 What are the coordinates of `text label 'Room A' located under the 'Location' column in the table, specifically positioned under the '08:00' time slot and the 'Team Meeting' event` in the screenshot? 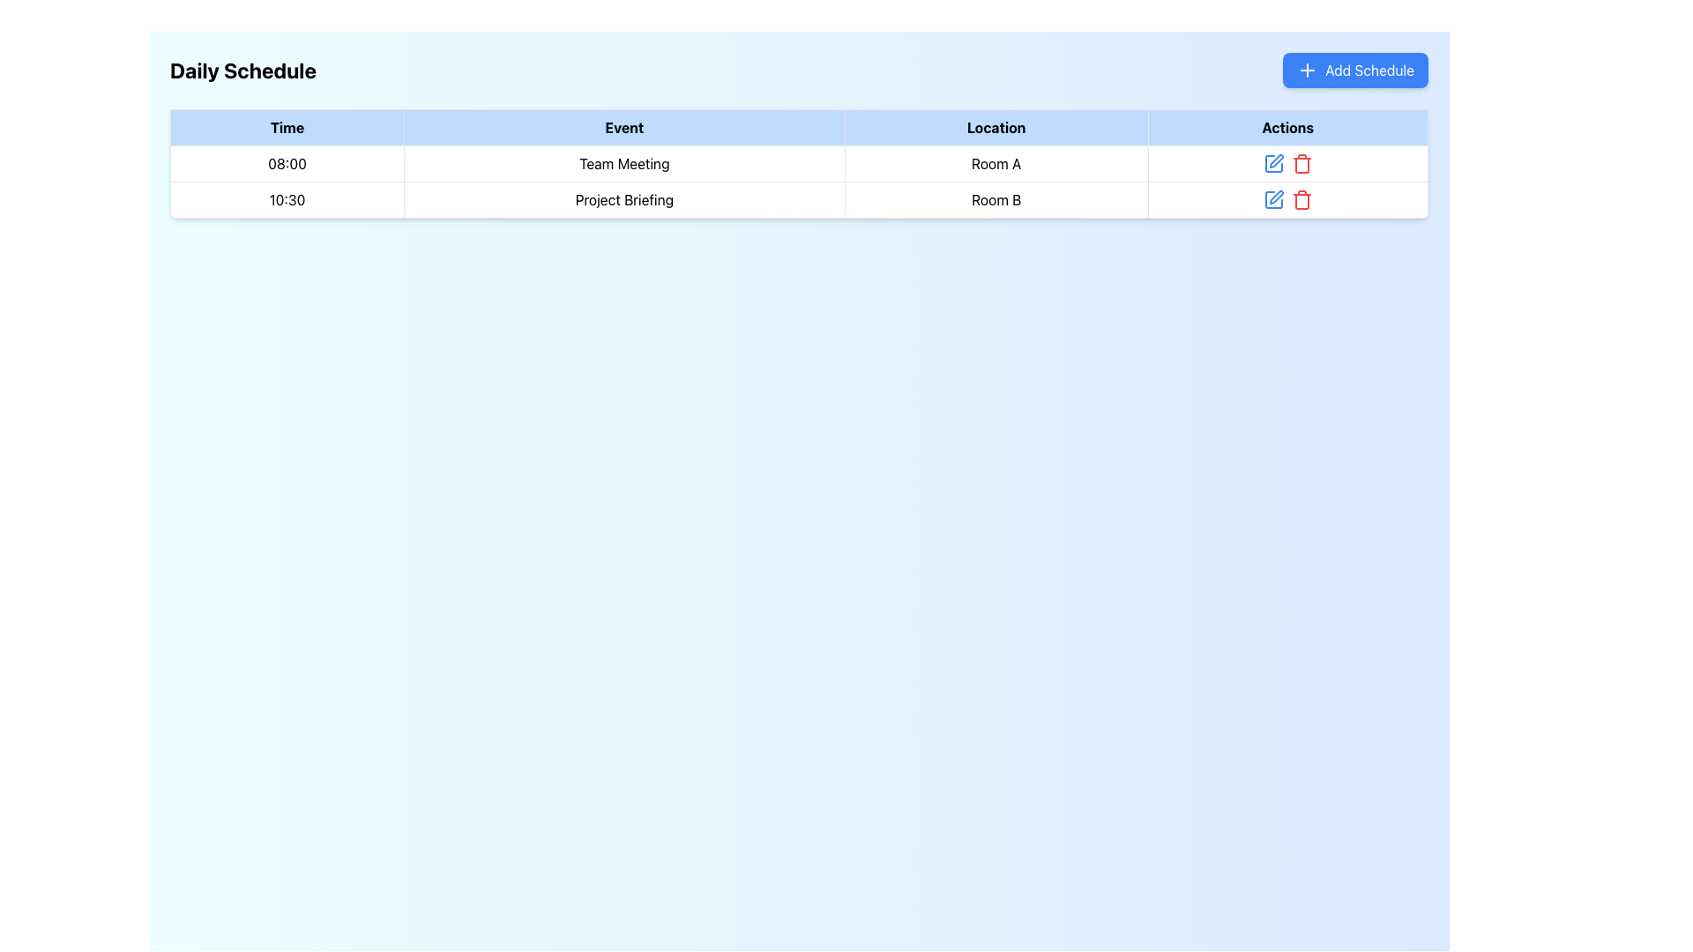 It's located at (996, 163).